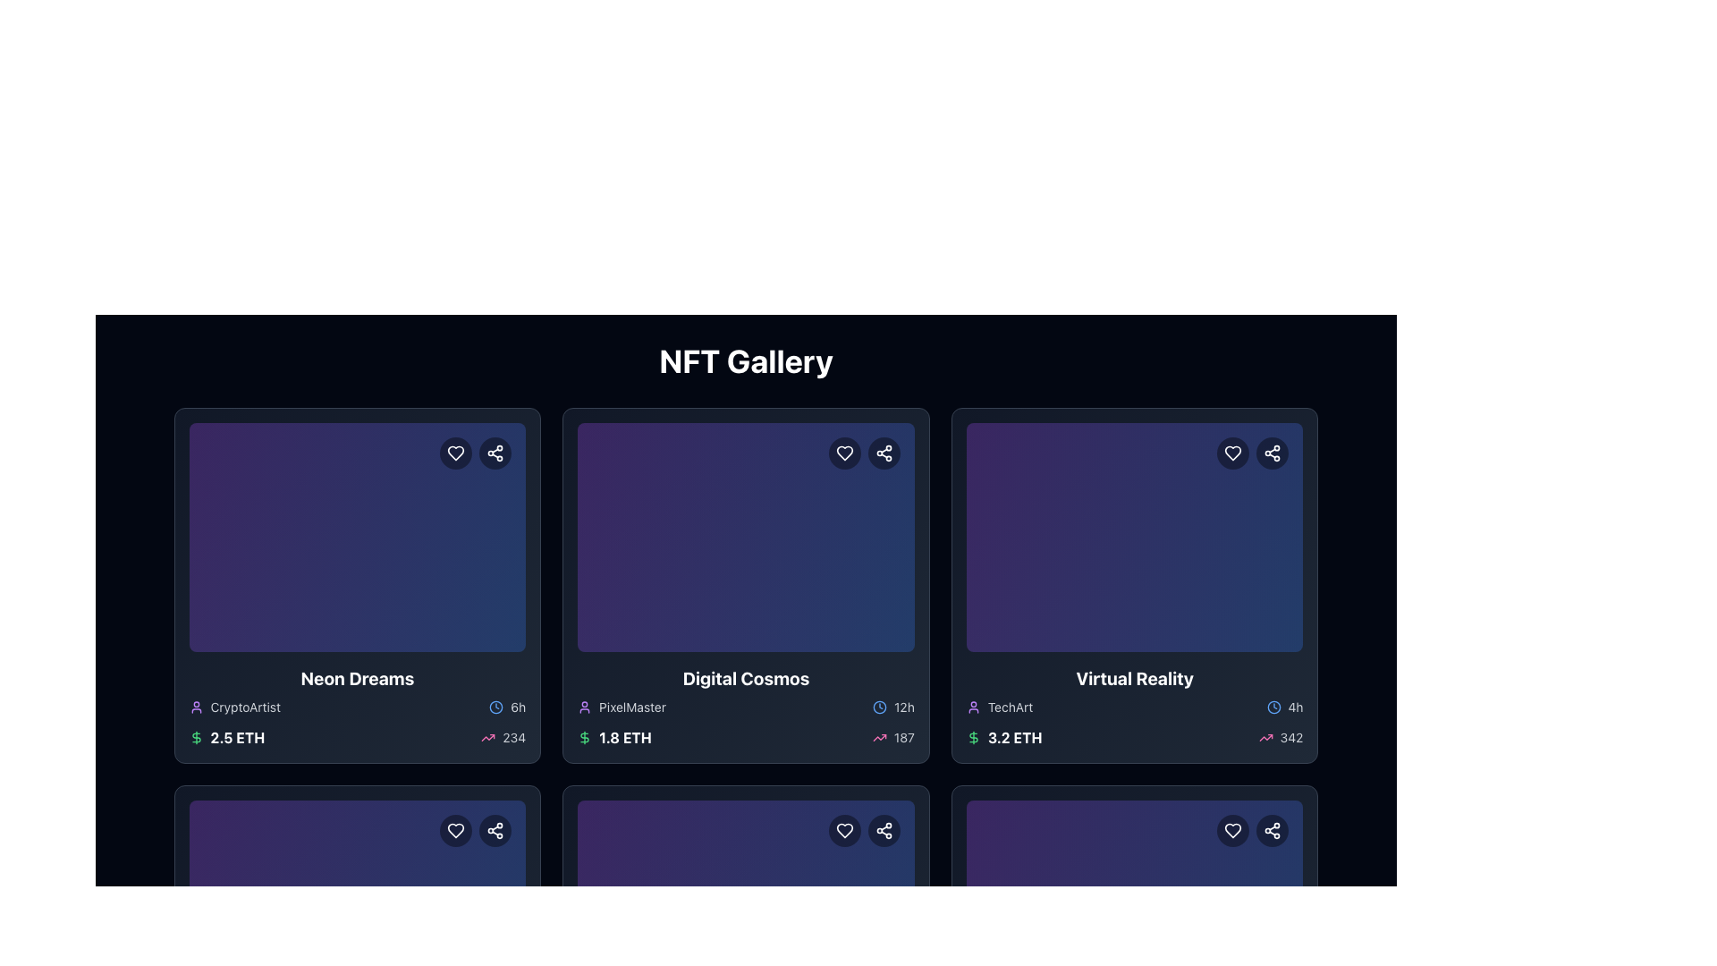  What do you see at coordinates (746, 738) in the screenshot?
I see `the Information bar located at the bottom of the 'Digital Cosmos' card, which displays the item's price in Ethereum and related statistics` at bounding box center [746, 738].